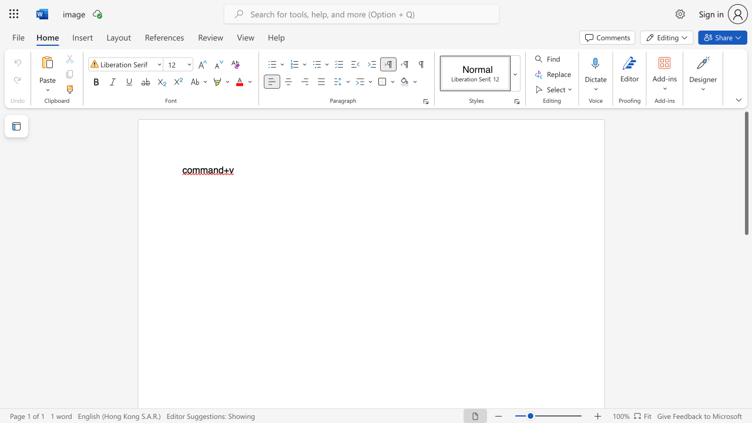 The height and width of the screenshot is (423, 752). What do you see at coordinates (746, 404) in the screenshot?
I see `the scrollbar on the side` at bounding box center [746, 404].